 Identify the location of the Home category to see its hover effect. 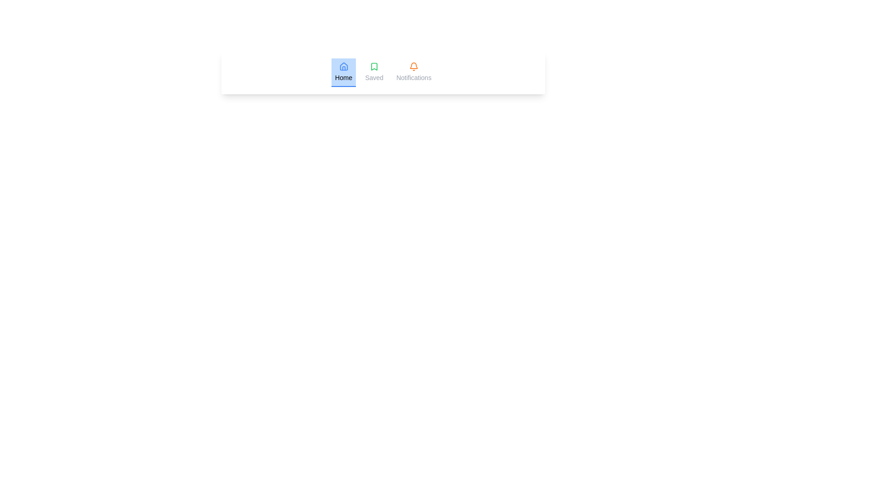
(343, 72).